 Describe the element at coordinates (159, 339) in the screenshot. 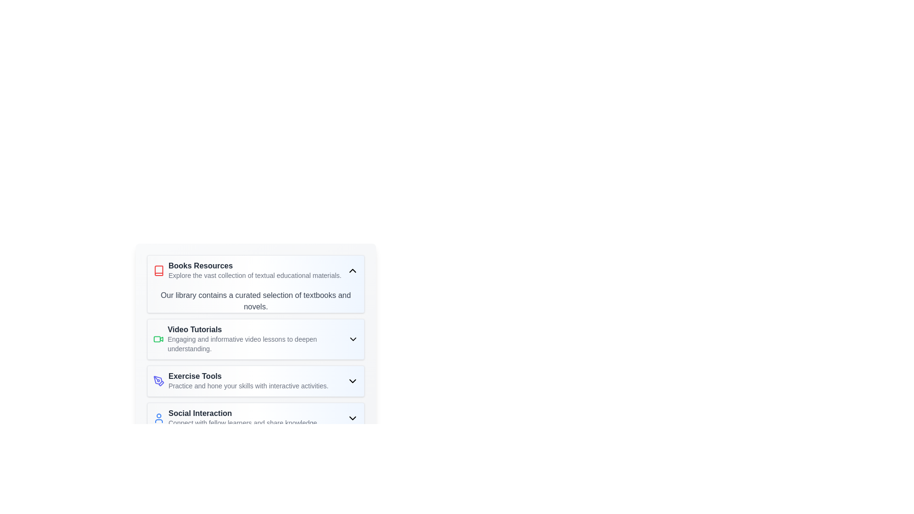

I see `the decorative icon representing video tutorials, located to the left of the 'Video Tutorials' heading in the features list` at that location.